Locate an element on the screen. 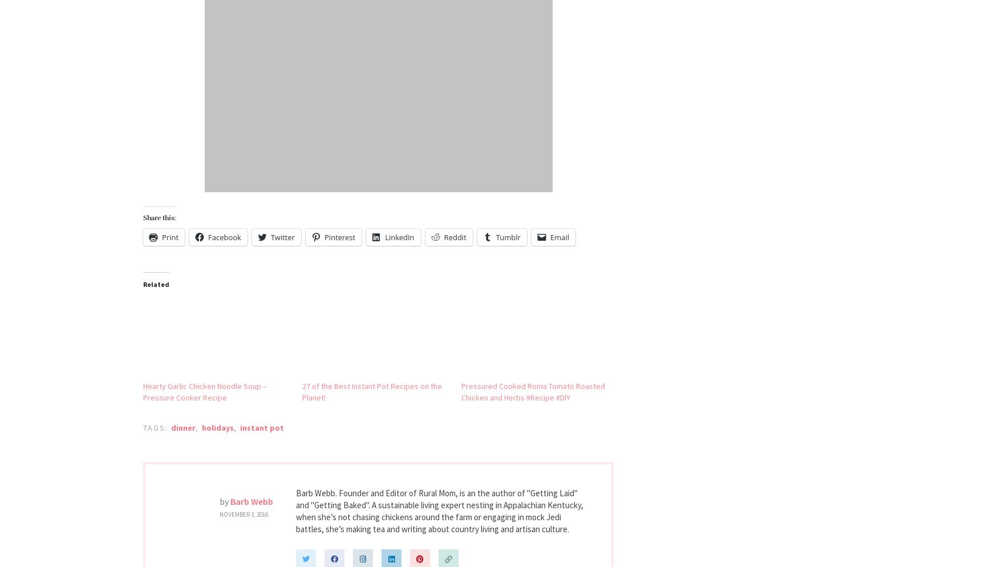 The image size is (1002, 567). 'Related' is located at coordinates (156, 284).